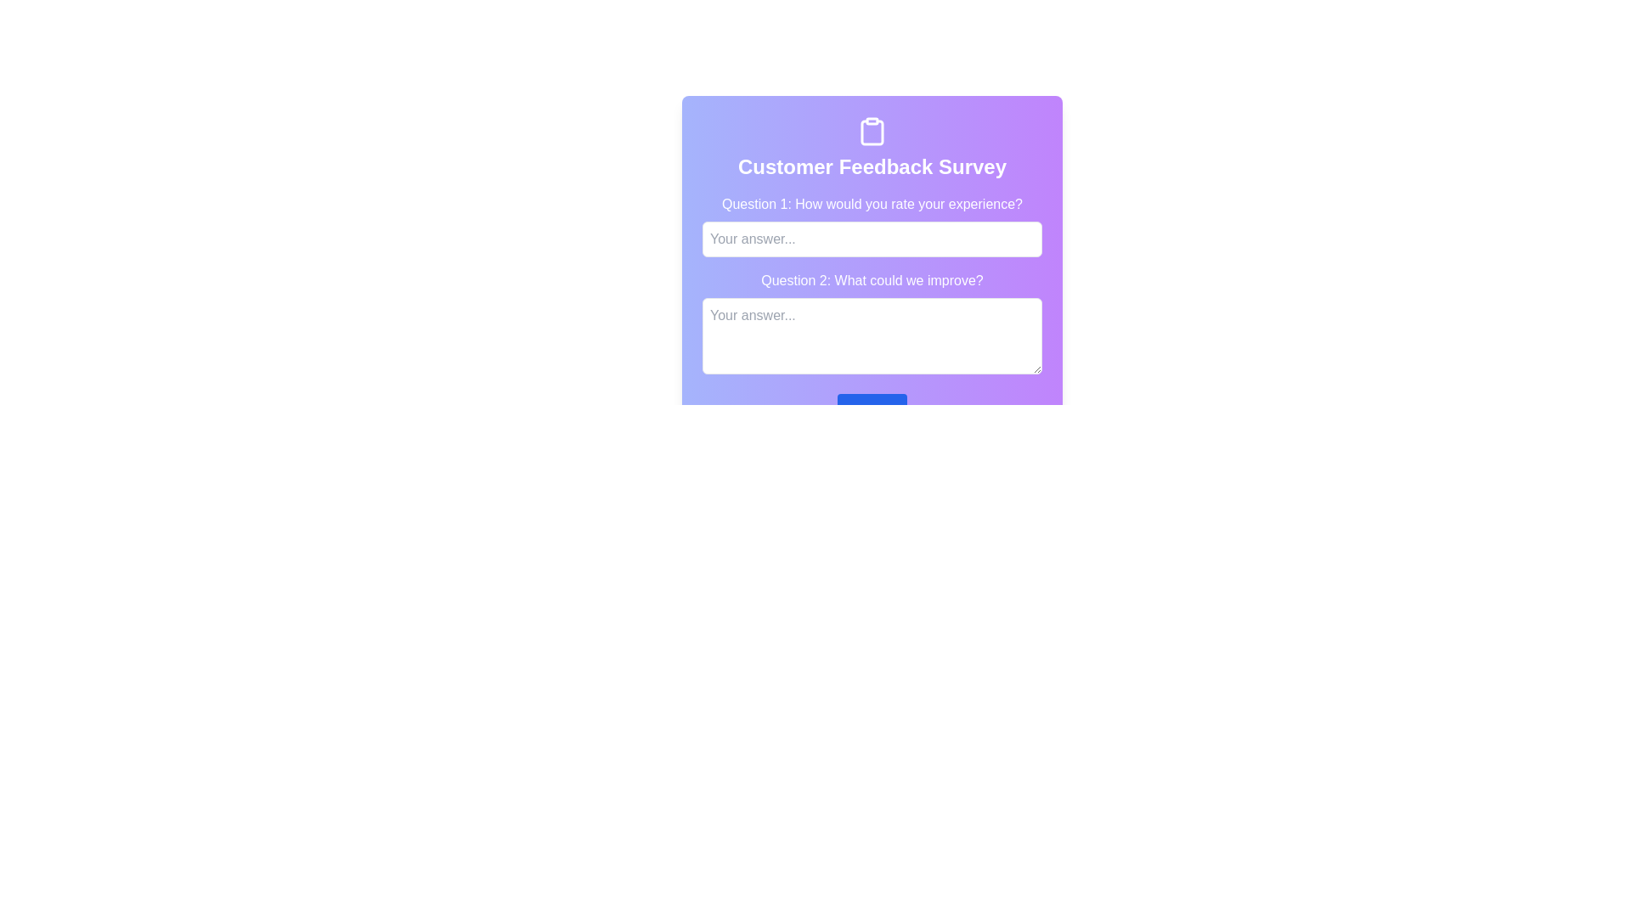 Image resolution: width=1631 pixels, height=917 pixels. What do you see at coordinates (872, 203) in the screenshot?
I see `the text prompt guiding the user to provide feedback about their experience, which is positioned at the top of the survey form` at bounding box center [872, 203].